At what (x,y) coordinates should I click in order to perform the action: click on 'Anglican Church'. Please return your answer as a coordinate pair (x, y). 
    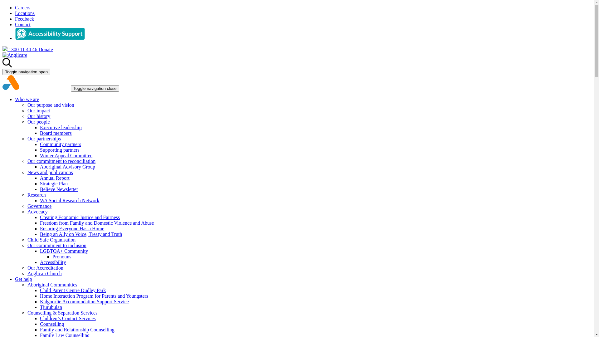
    Looking at the image, I should click on (44, 273).